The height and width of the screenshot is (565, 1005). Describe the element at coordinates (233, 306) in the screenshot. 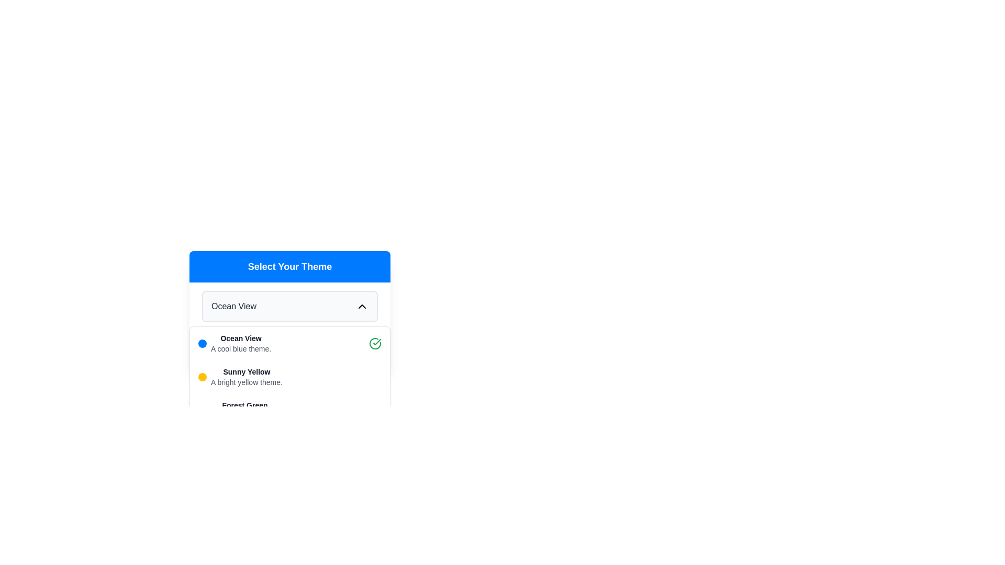

I see `the text component labeled 'Ocean View' in the theme selection dropdown interface, which is styled with a medium-weight font and dark gray color` at that location.